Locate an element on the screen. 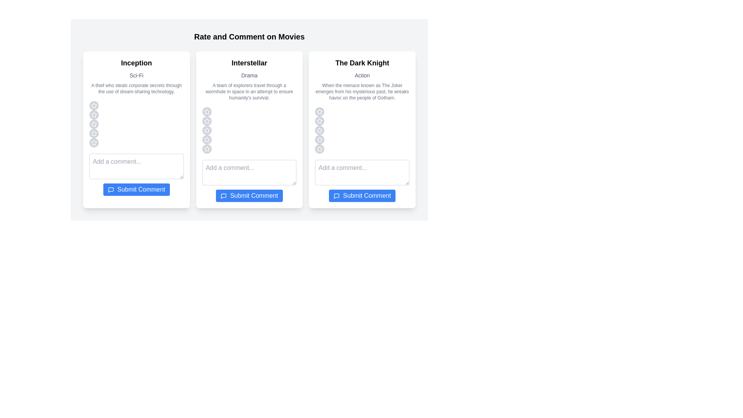 The image size is (743, 418). the synopsis and genre of the movie Inception is located at coordinates (136, 88).